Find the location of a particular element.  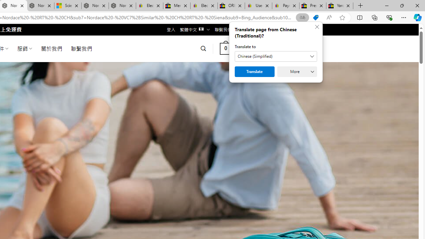

'  0  ' is located at coordinates (225, 48).